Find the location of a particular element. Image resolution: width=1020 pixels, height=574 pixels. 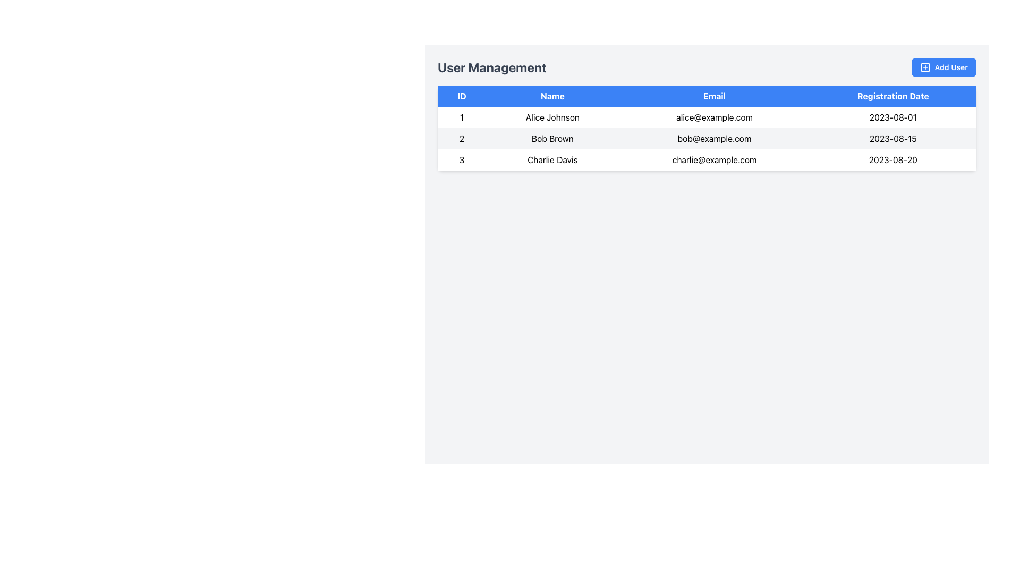

the text label displaying the email 'bob@example.com', which is located in the third column under the 'Email' heading in the tabular structure is located at coordinates (715, 138).